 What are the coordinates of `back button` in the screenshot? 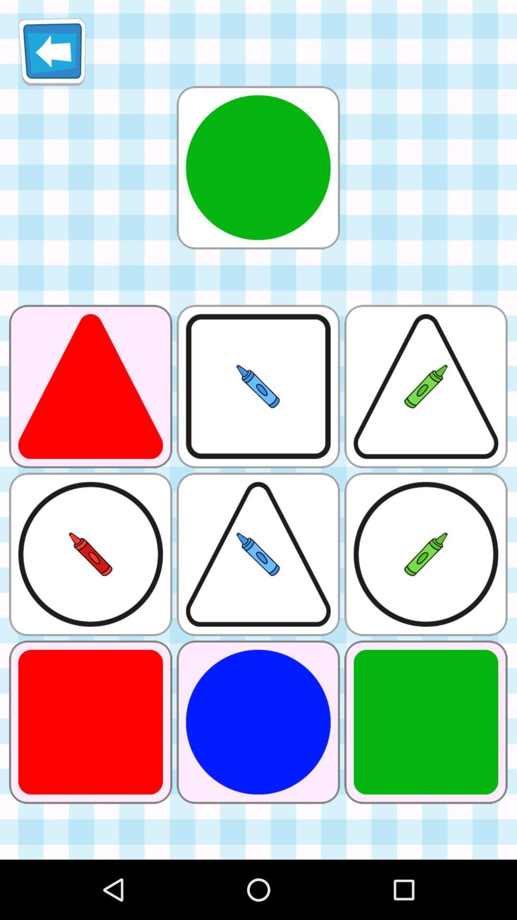 It's located at (52, 51).